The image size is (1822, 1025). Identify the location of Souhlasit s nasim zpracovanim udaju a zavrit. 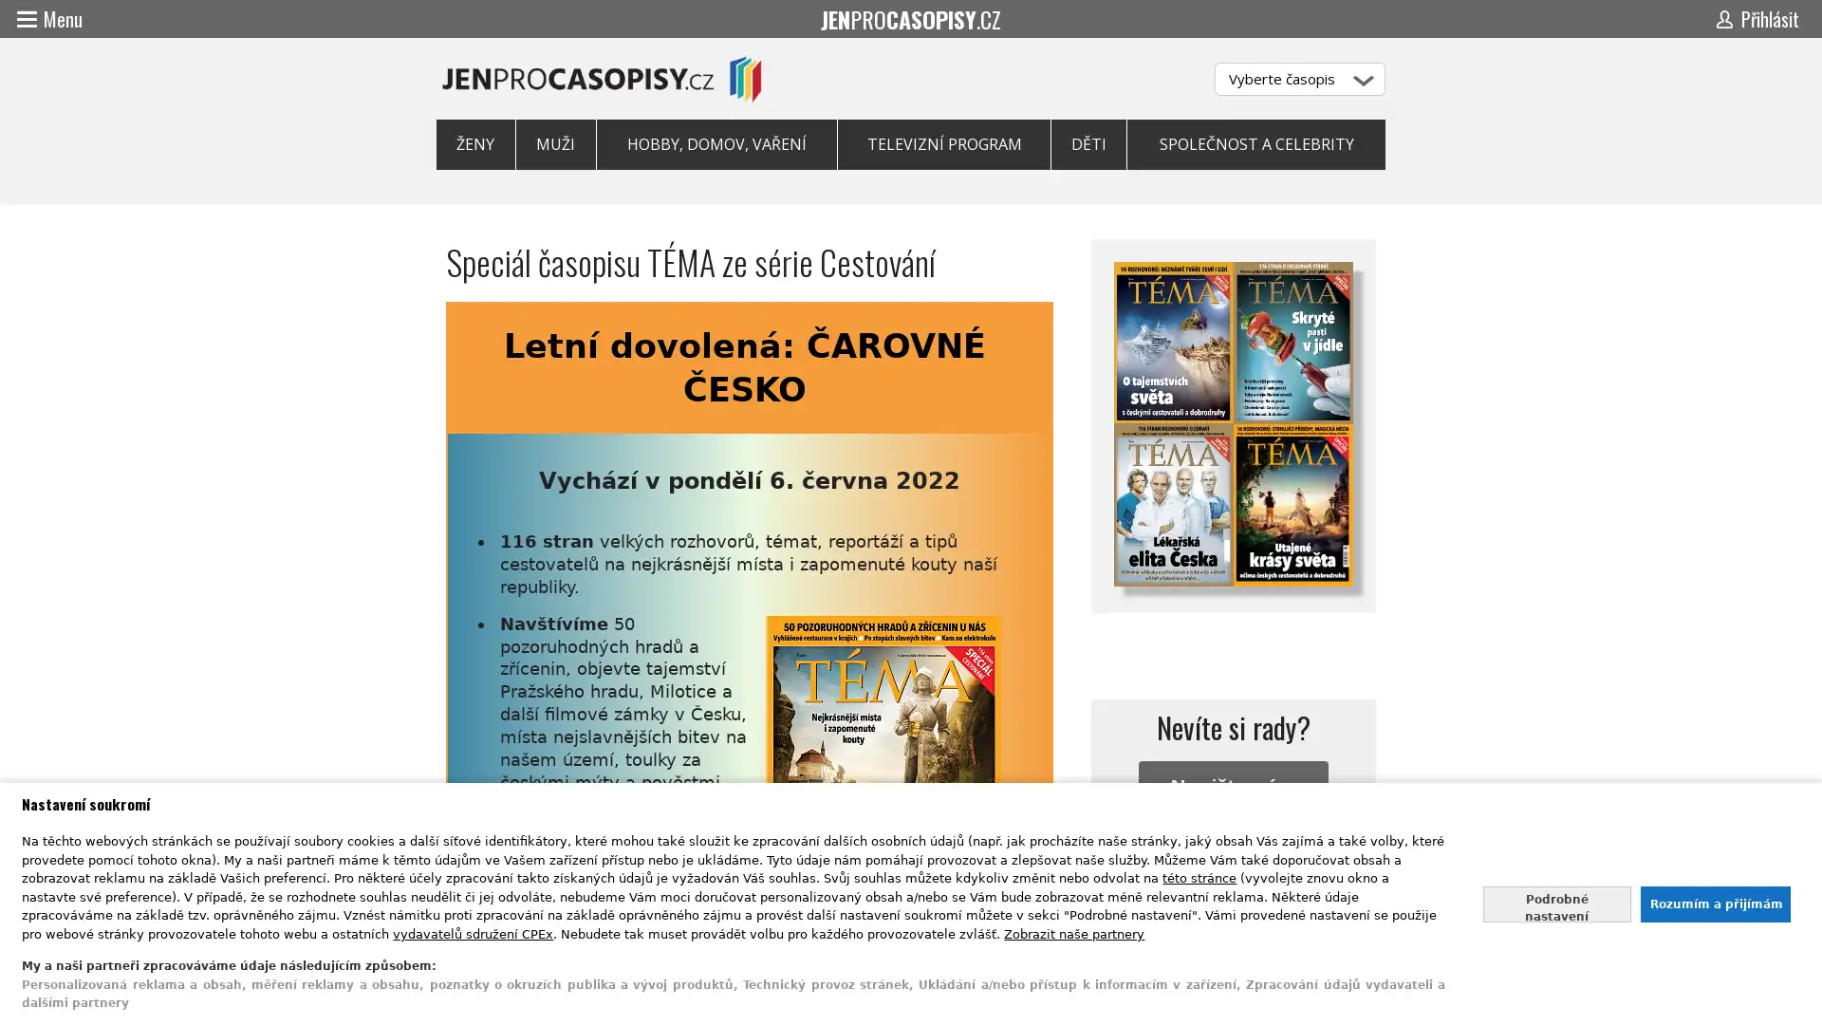
(1714, 903).